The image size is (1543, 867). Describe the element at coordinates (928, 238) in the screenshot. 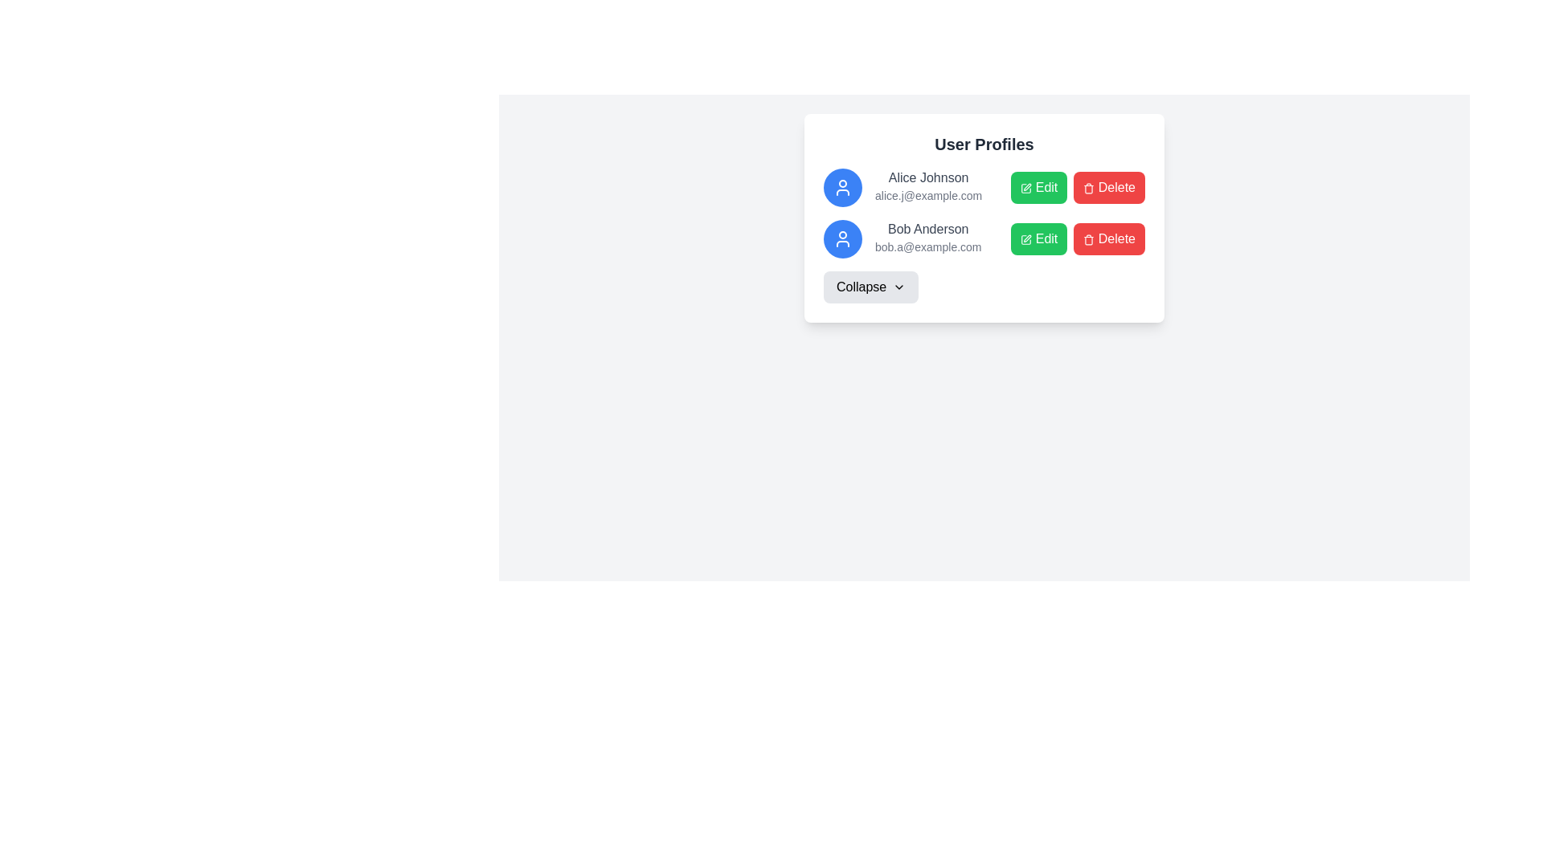

I see `the Text Label displaying 'Bob Anderson' and 'bob.a@example.com' in the User Profiles section` at that location.